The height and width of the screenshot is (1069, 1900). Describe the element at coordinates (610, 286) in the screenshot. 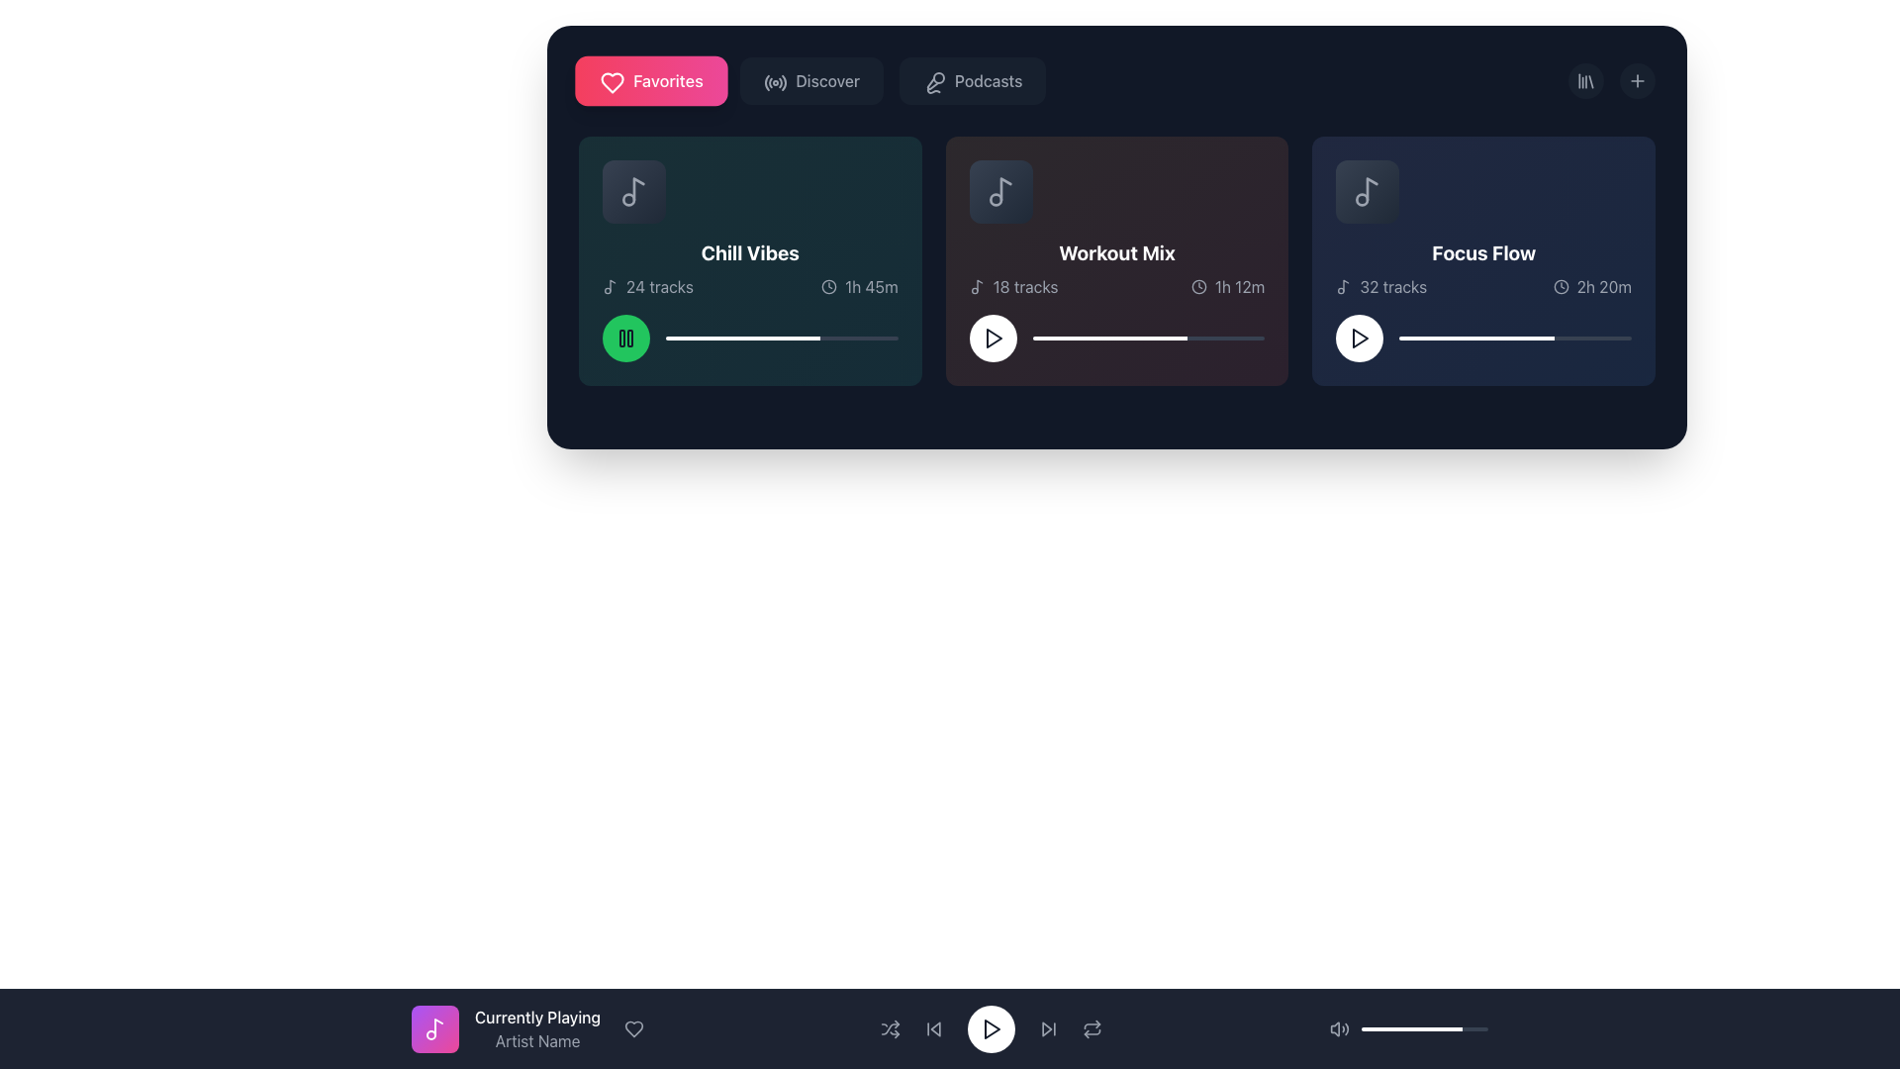

I see `the music icon located at the top-left of the 'Chill Vibes' card, which is positioned to the left of the text '24 tracks'` at that location.